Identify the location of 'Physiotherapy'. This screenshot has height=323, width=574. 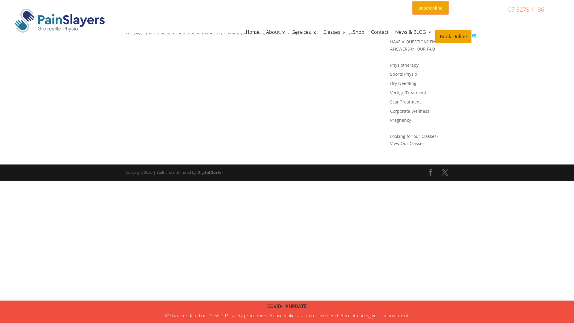
(404, 65).